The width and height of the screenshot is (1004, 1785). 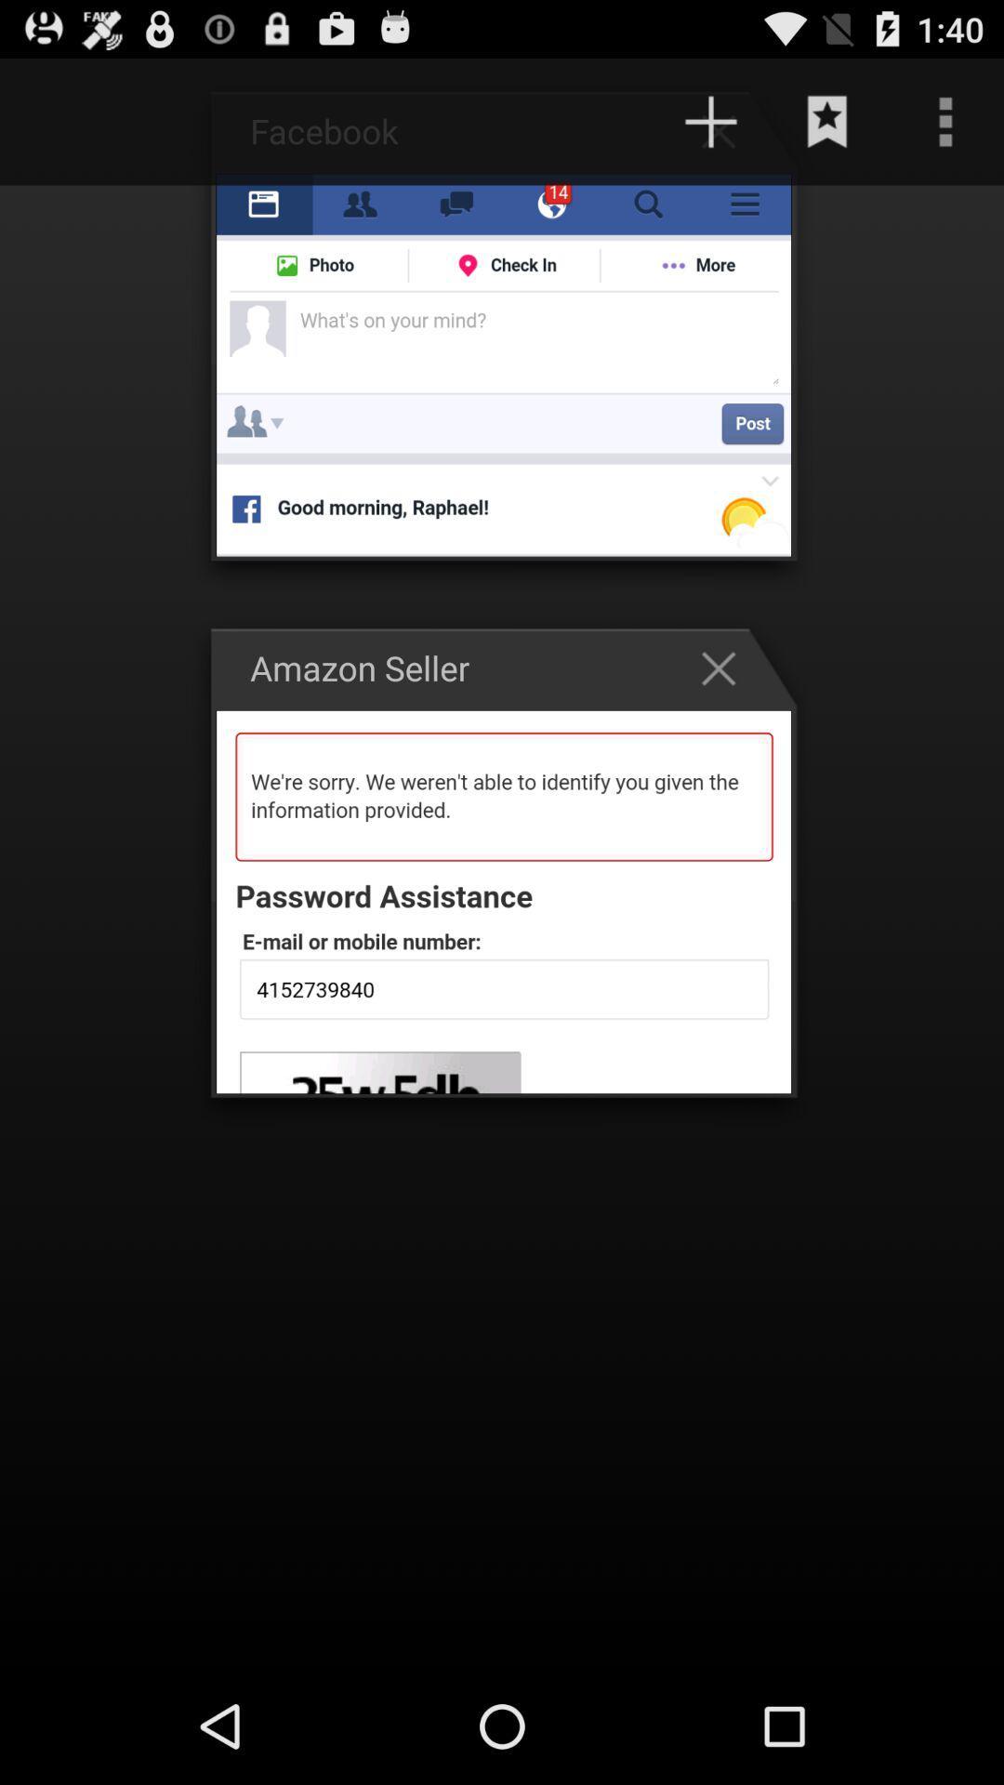 I want to click on the more icon, so click(x=945, y=129).